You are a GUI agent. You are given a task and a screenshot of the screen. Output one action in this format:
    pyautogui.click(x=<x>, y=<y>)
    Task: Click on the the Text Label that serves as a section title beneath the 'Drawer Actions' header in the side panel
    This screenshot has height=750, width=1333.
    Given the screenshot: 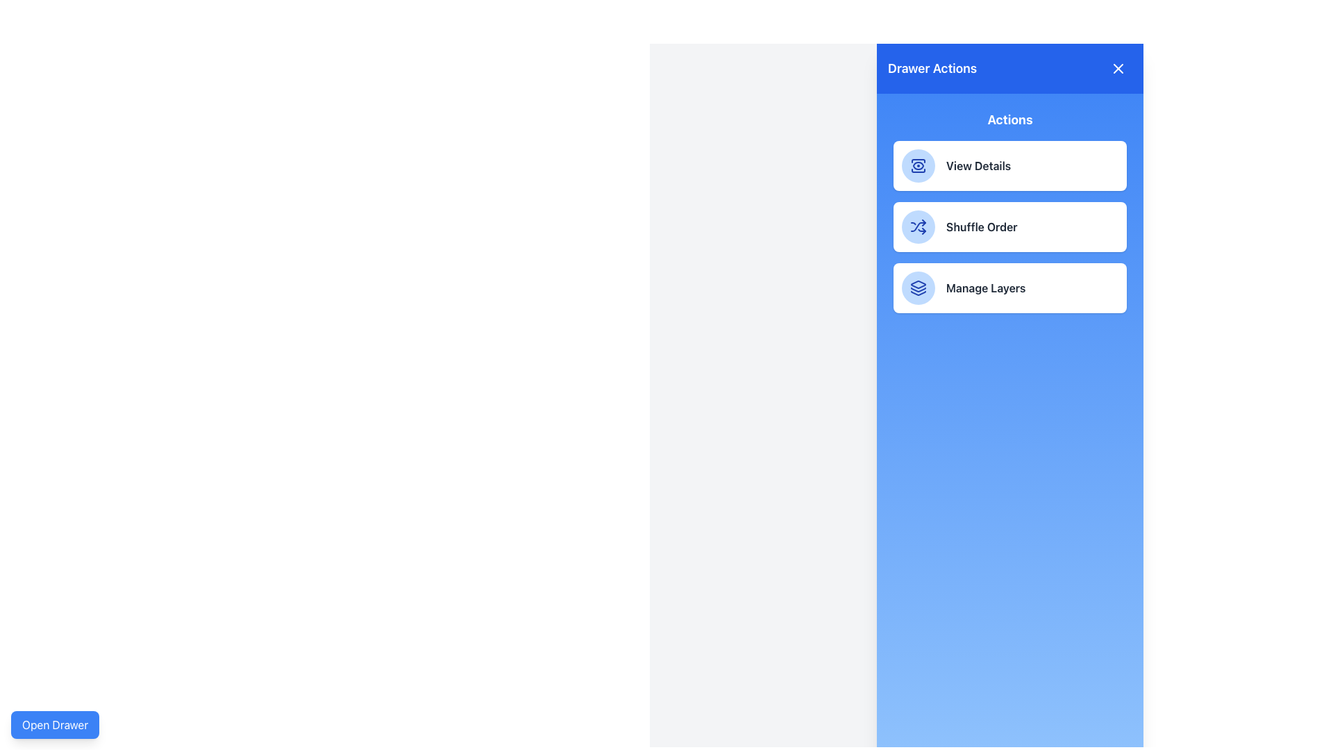 What is the action you would take?
    pyautogui.click(x=1009, y=119)
    